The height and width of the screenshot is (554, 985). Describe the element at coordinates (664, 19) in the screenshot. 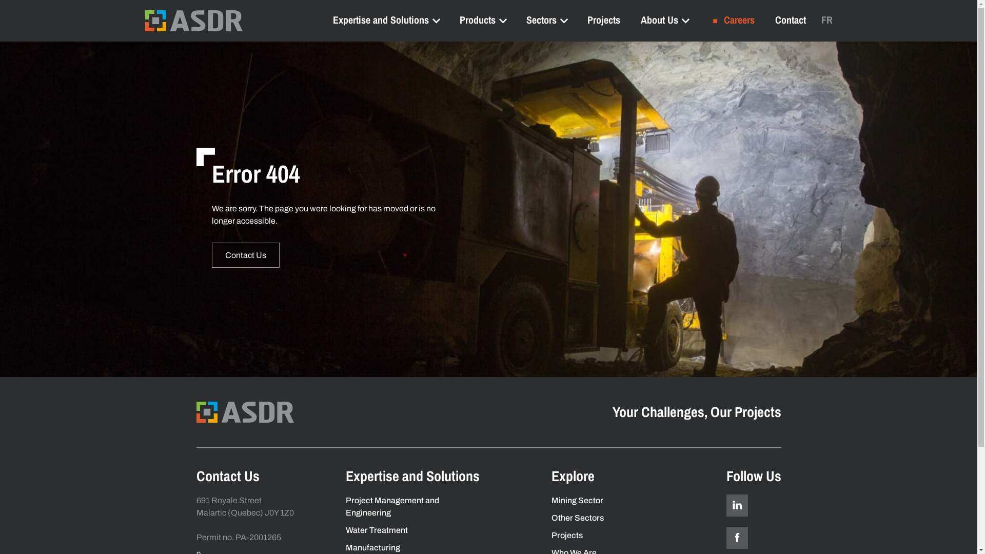

I see `'About Us'` at that location.